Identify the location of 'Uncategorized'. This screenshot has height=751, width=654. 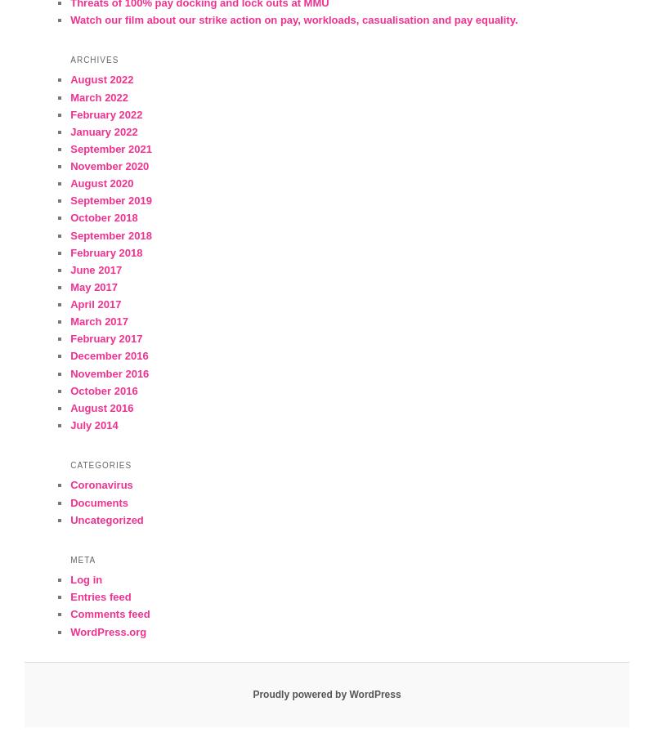
(105, 519).